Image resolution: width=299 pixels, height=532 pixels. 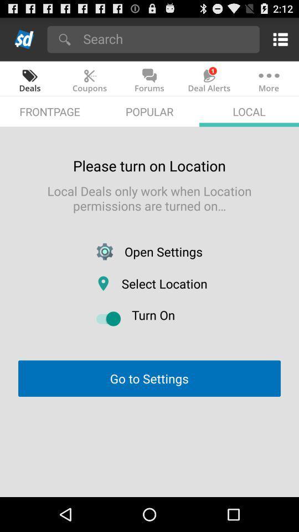 I want to click on the drop down, so click(x=167, y=38).